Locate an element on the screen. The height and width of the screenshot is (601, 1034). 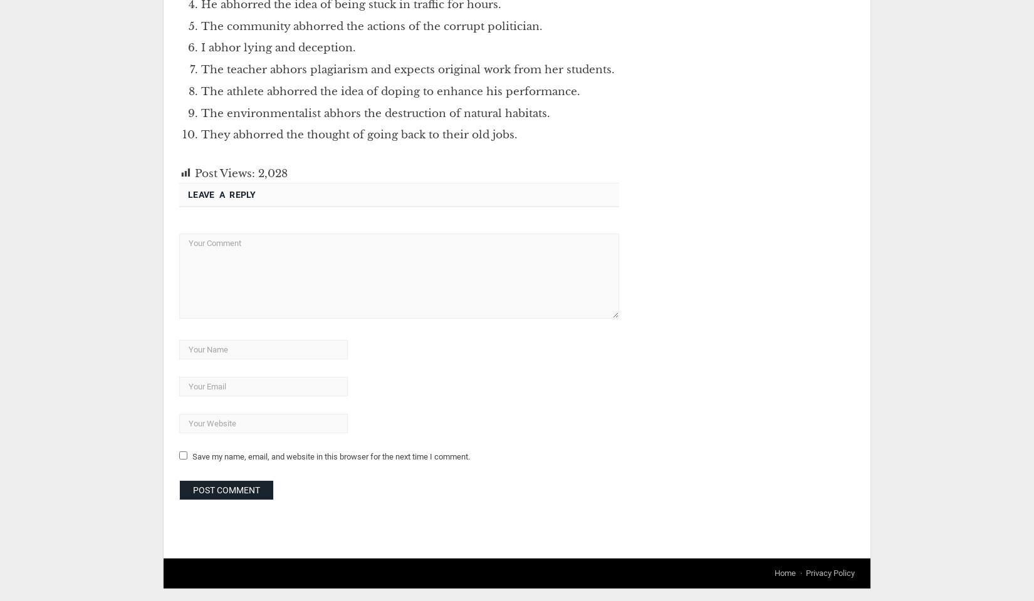
'They abhorred the thought of going back to their old jobs.' is located at coordinates (358, 135).